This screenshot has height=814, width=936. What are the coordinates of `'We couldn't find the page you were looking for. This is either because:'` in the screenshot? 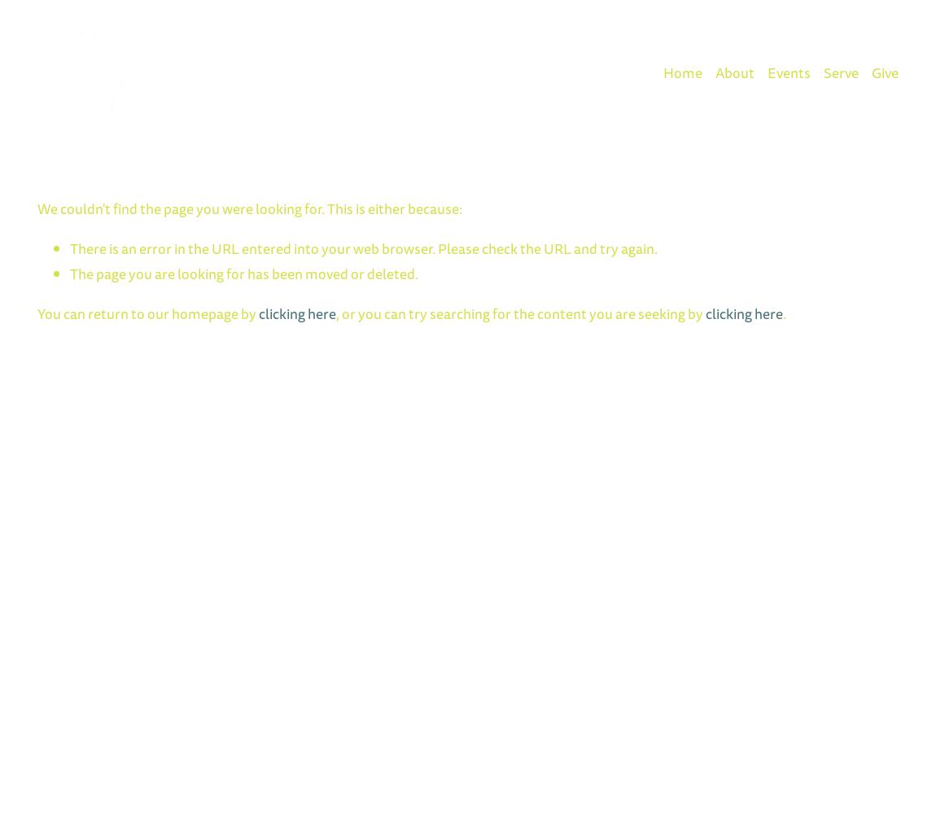 It's located at (250, 208).